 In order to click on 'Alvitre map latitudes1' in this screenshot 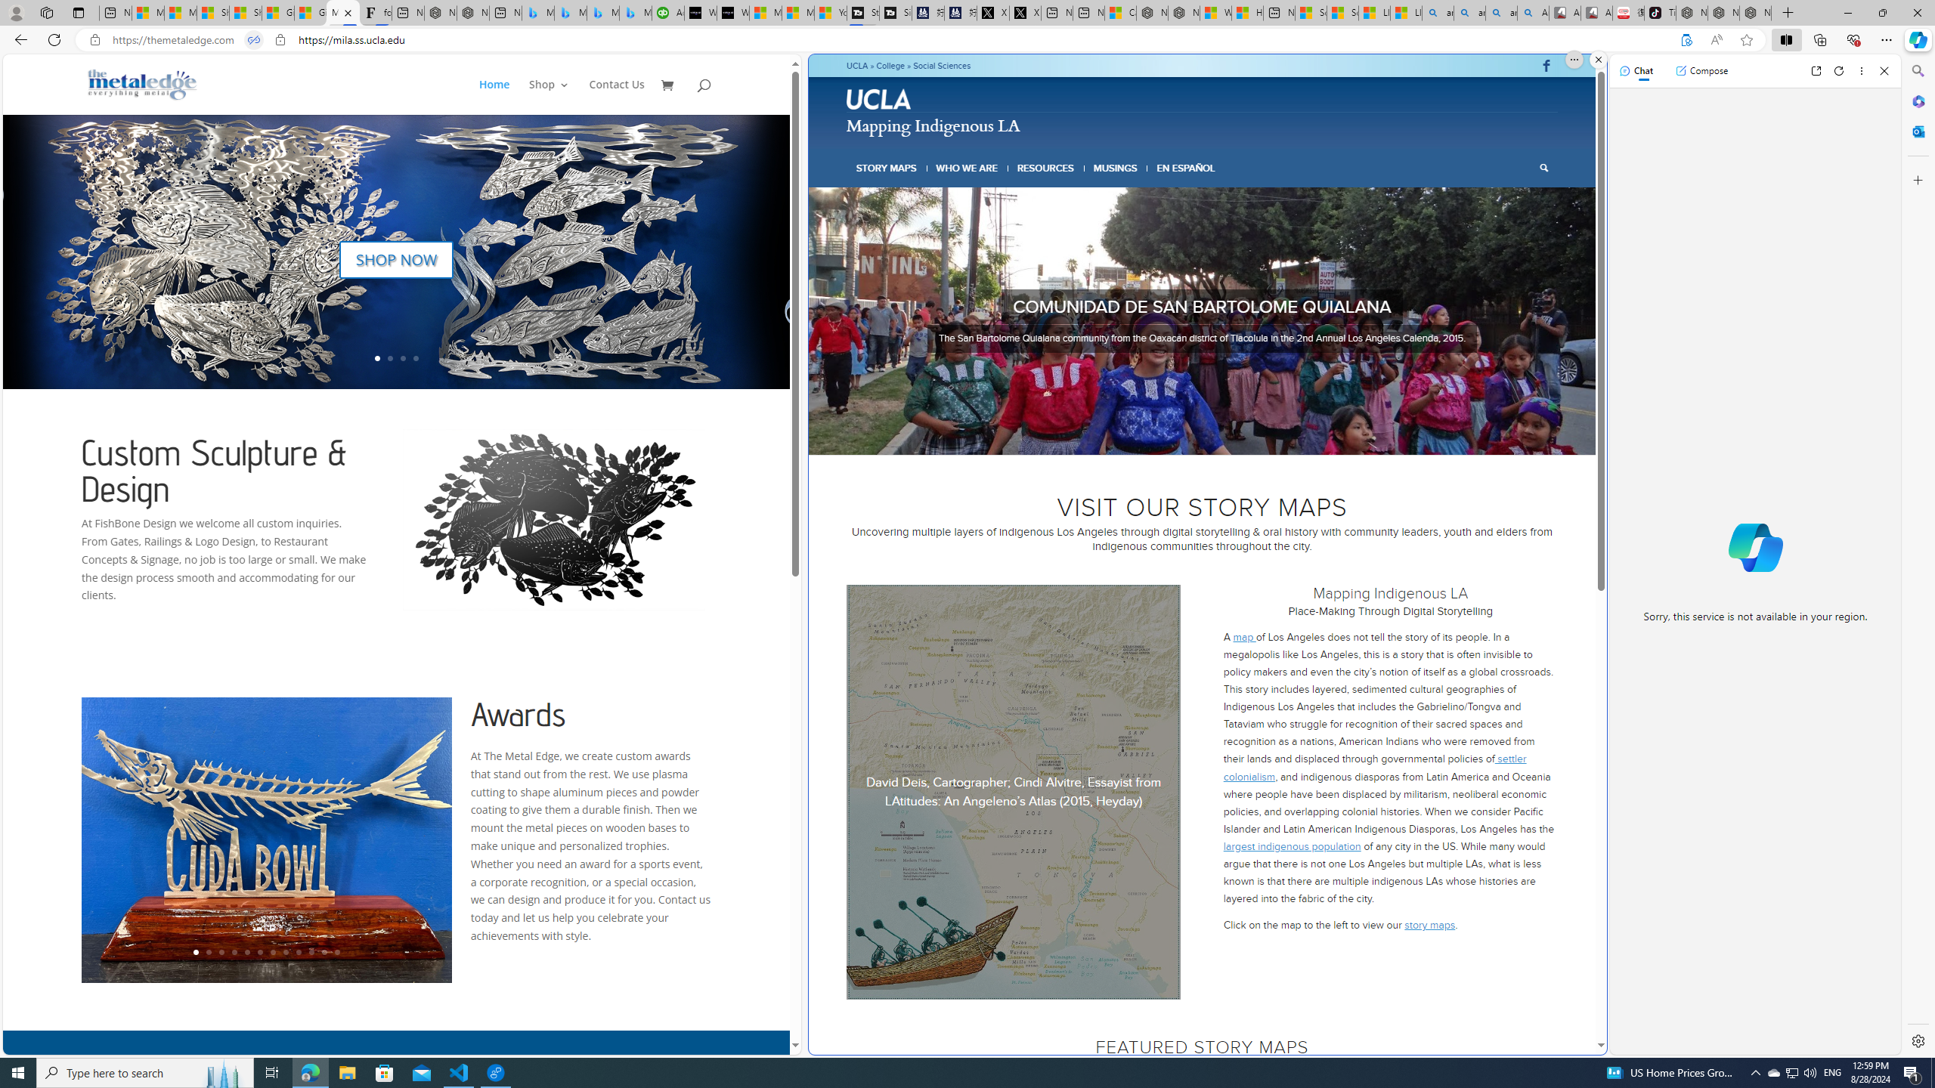, I will do `click(1014, 792)`.